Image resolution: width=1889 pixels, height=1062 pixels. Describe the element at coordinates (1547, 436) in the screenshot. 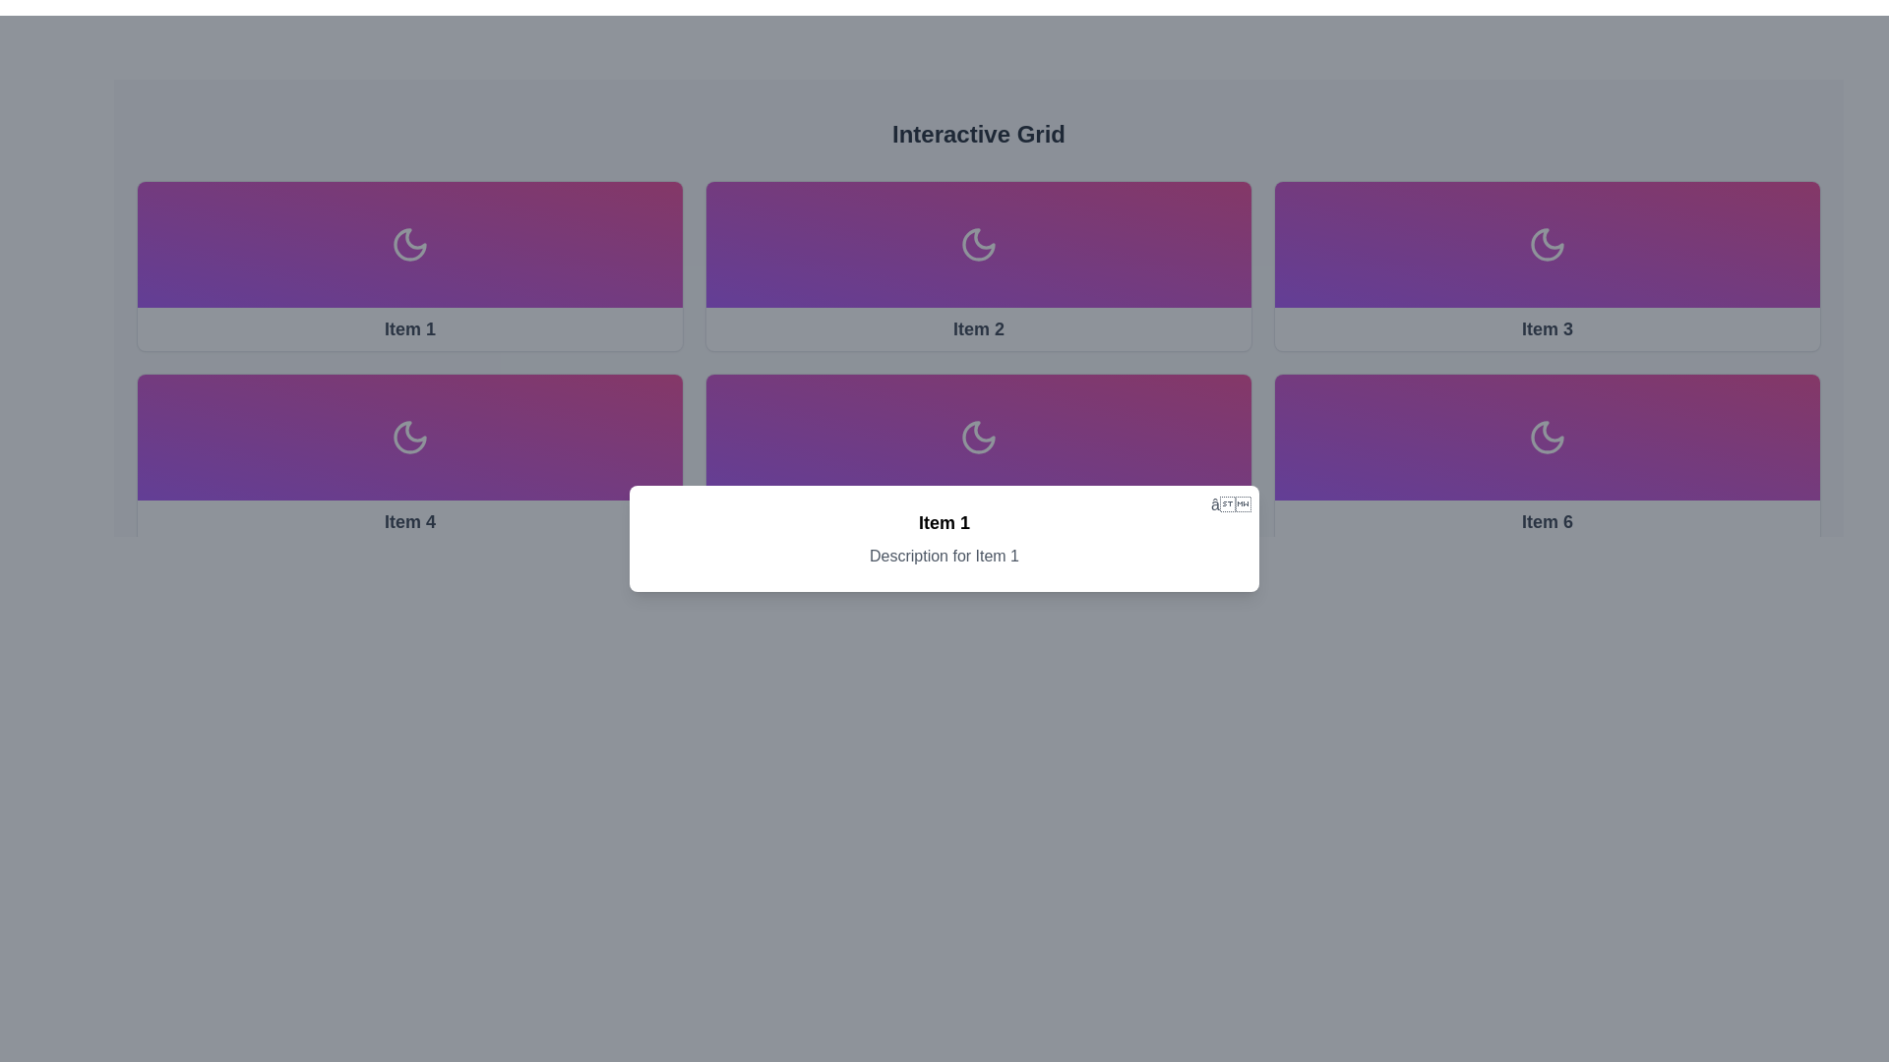

I see `the nighttime-themed icon located in the bottom-right corner of the 'Item 6' card within a 2x3 grid` at that location.